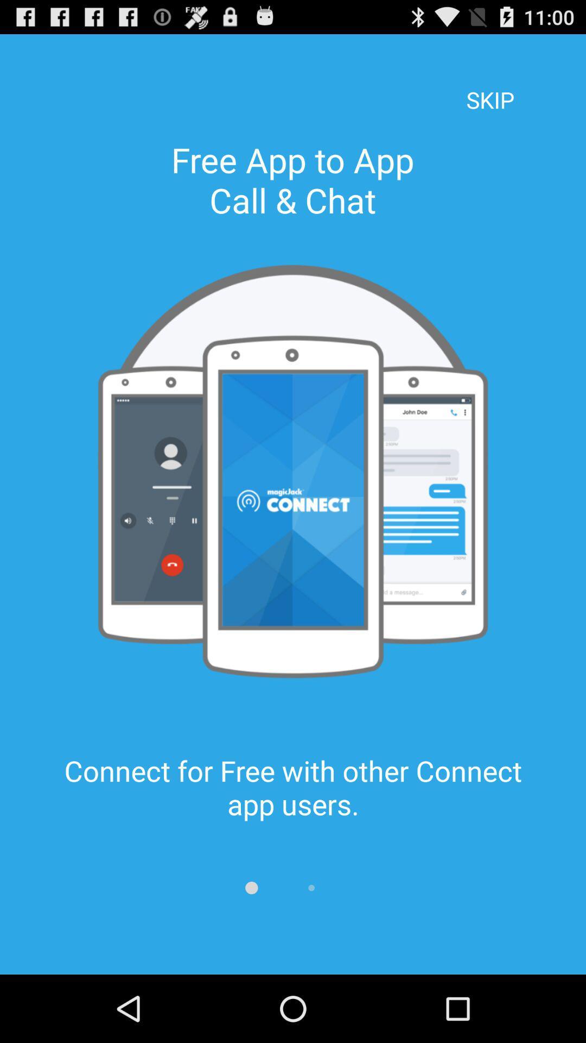  I want to click on the item below the connect for free item, so click(311, 888).